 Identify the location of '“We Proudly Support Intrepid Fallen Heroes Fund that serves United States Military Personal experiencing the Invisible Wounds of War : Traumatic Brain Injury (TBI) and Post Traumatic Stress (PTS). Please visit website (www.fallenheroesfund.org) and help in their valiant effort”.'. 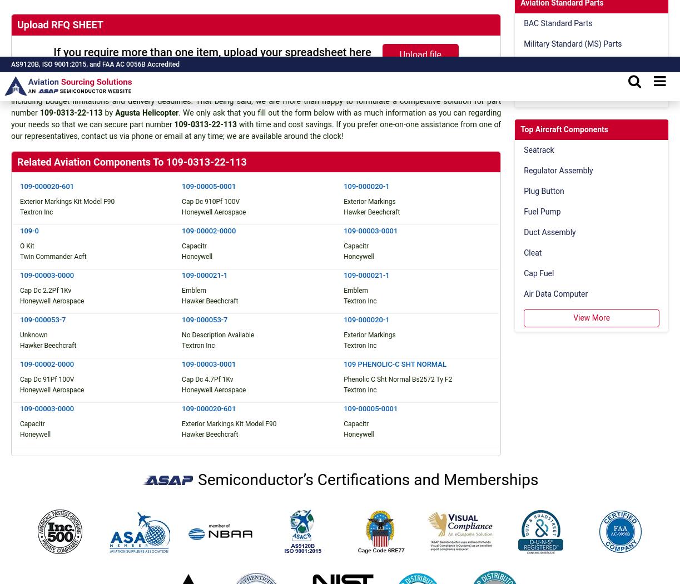
(507, 128).